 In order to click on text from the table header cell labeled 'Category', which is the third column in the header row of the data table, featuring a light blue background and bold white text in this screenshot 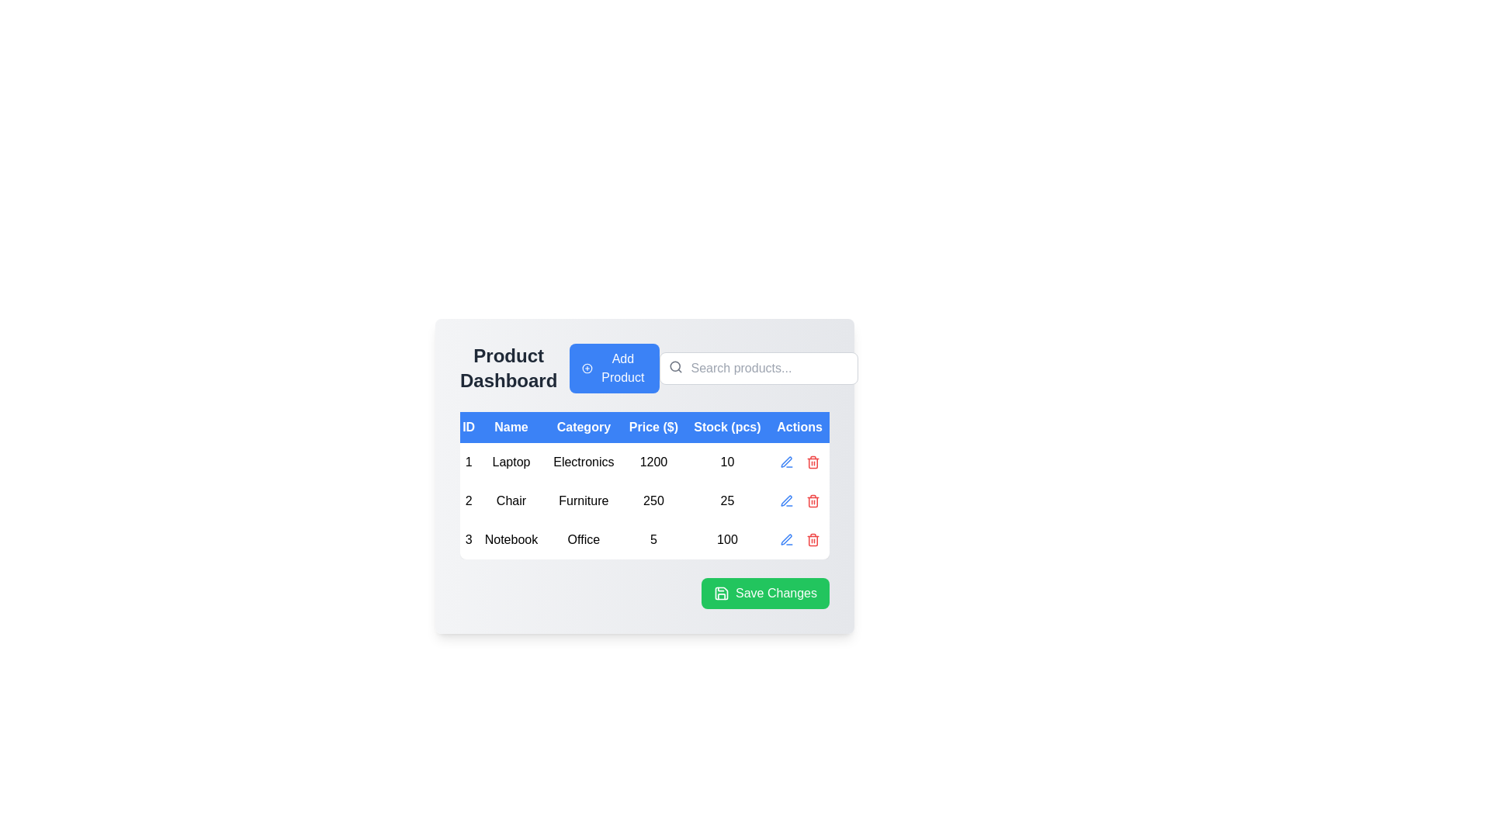, I will do `click(583, 428)`.